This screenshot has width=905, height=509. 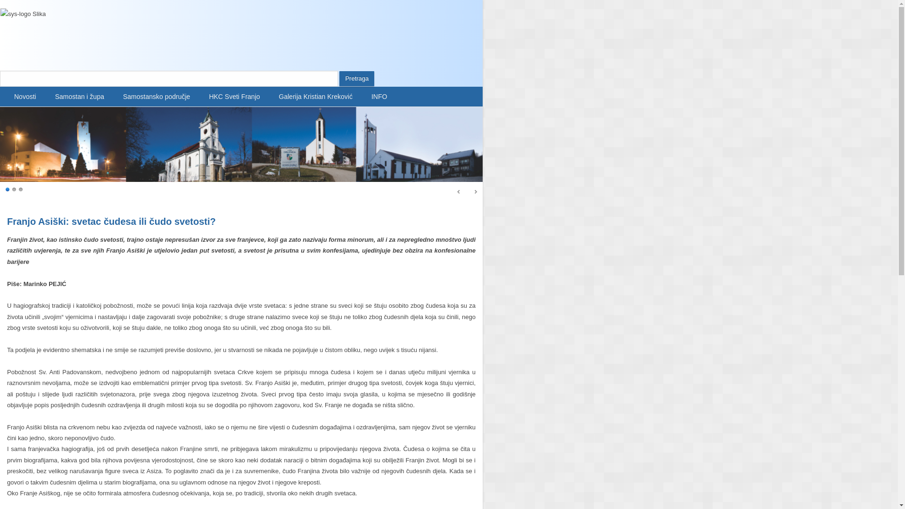 What do you see at coordinates (356, 78) in the screenshot?
I see `'Pretraga'` at bounding box center [356, 78].